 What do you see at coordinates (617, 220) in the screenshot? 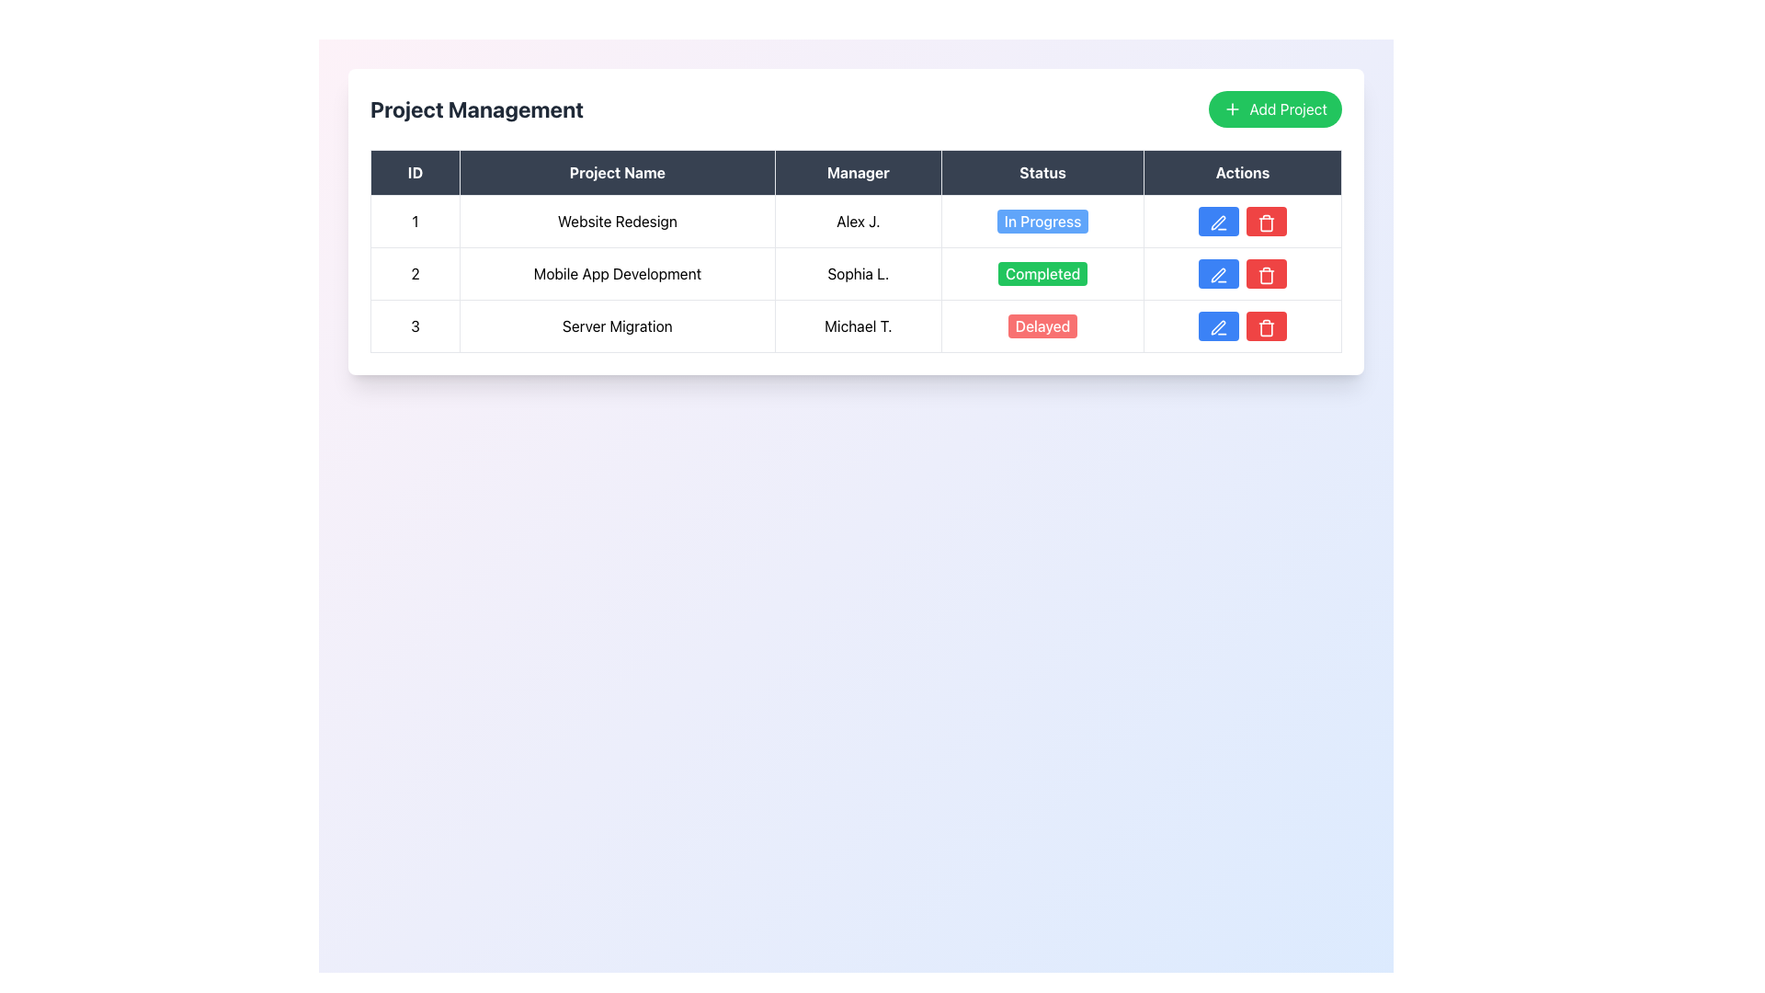
I see `the text label identifying the project name 'Website Redesign' located in the second column of the first row under 'Project Management'` at bounding box center [617, 220].